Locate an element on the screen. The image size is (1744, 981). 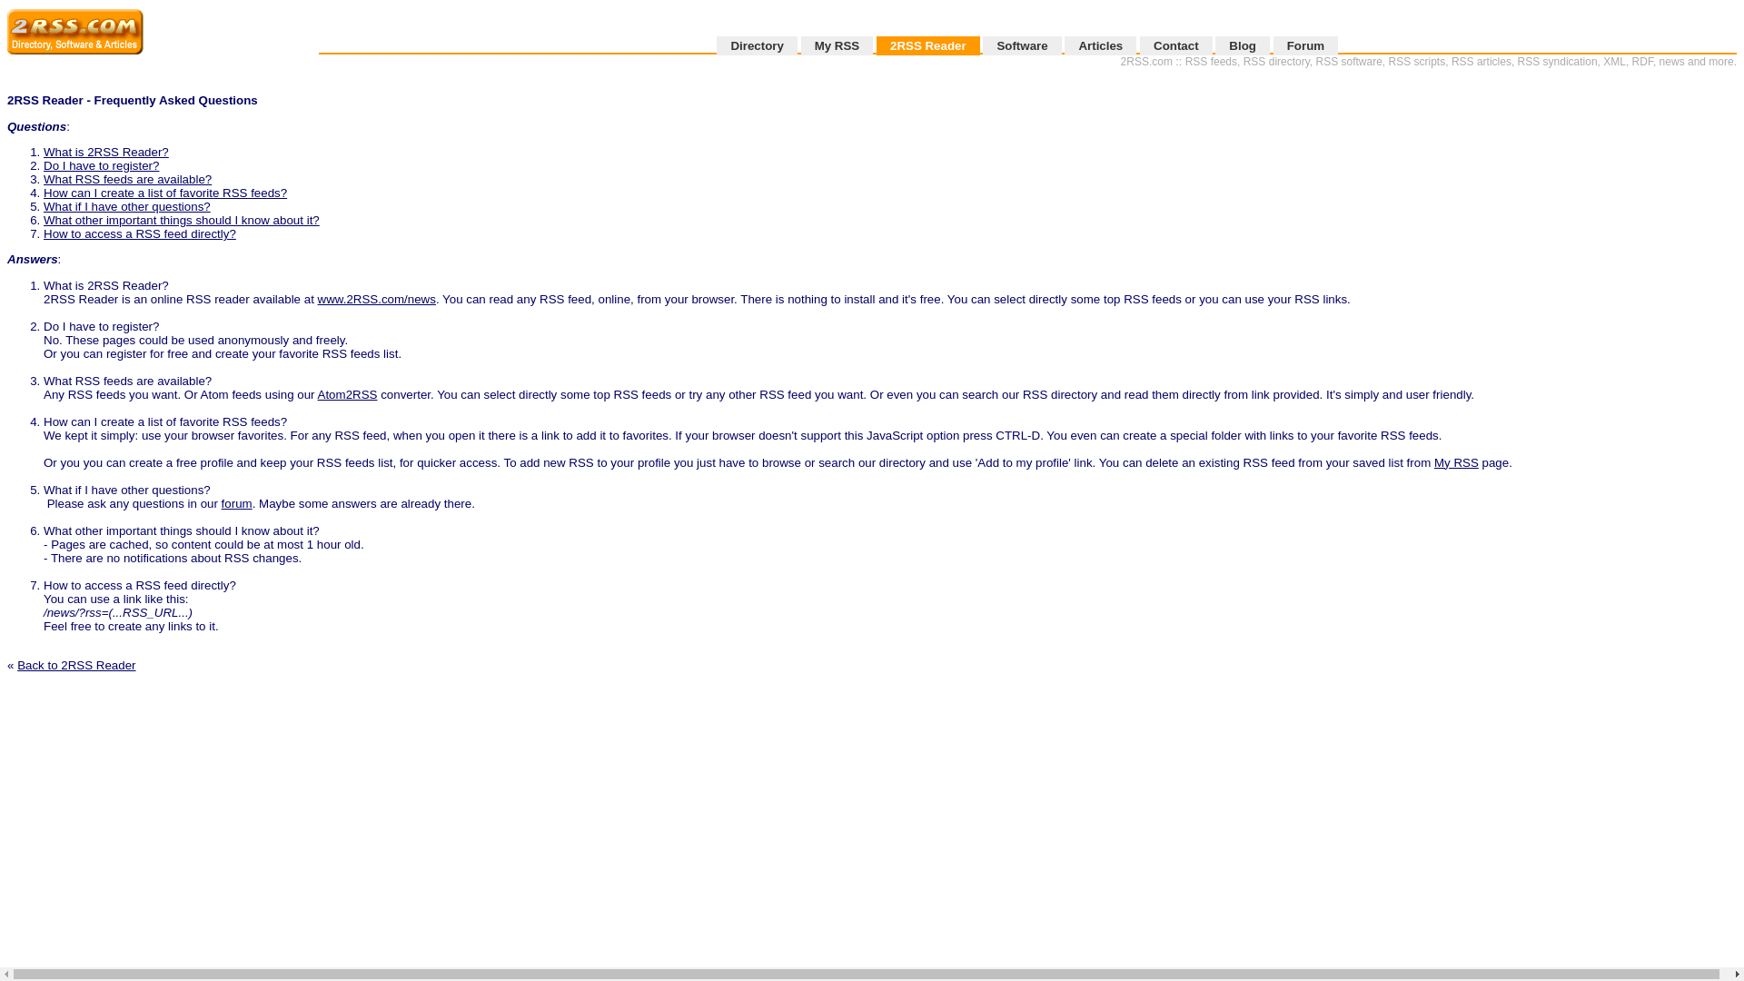
'What other important things should I know about it?' is located at coordinates (182, 219).